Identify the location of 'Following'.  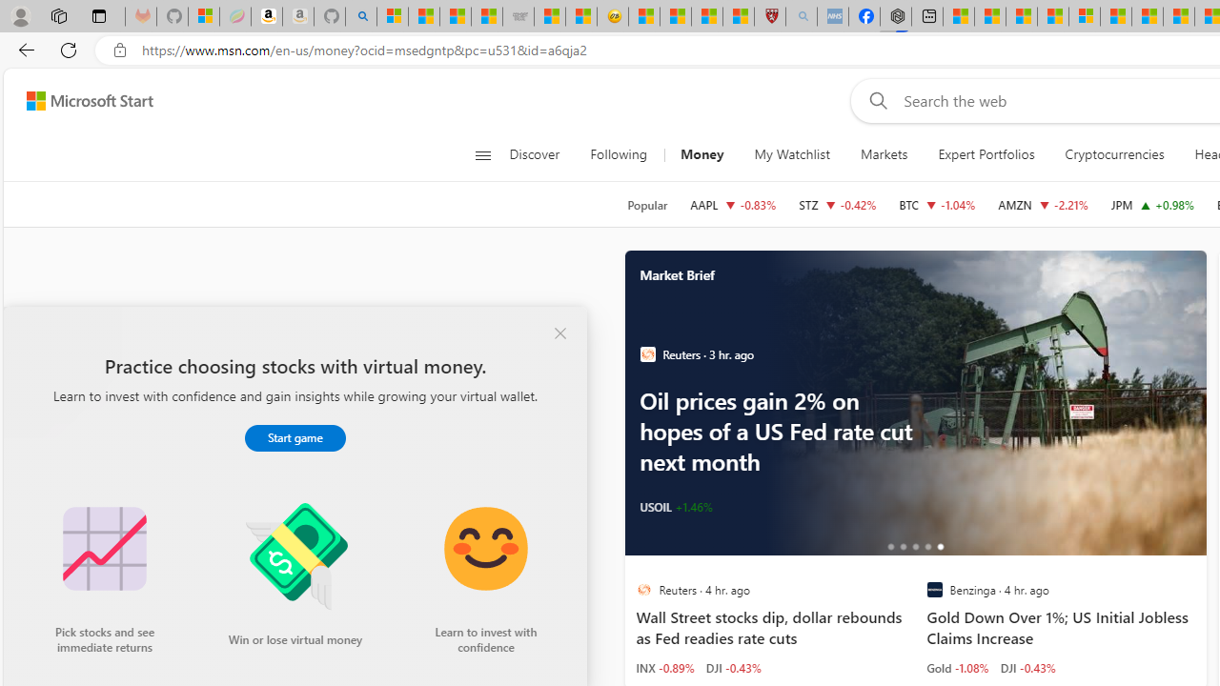
(618, 154).